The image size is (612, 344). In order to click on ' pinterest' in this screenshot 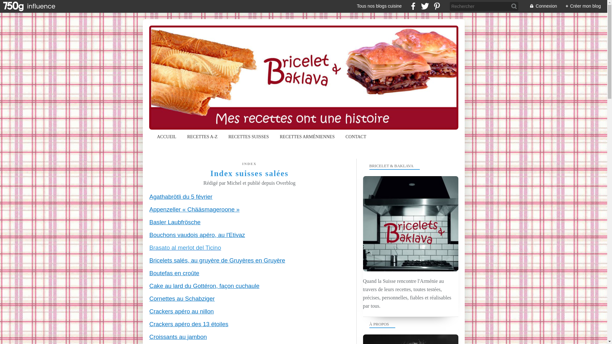, I will do `click(436, 6)`.